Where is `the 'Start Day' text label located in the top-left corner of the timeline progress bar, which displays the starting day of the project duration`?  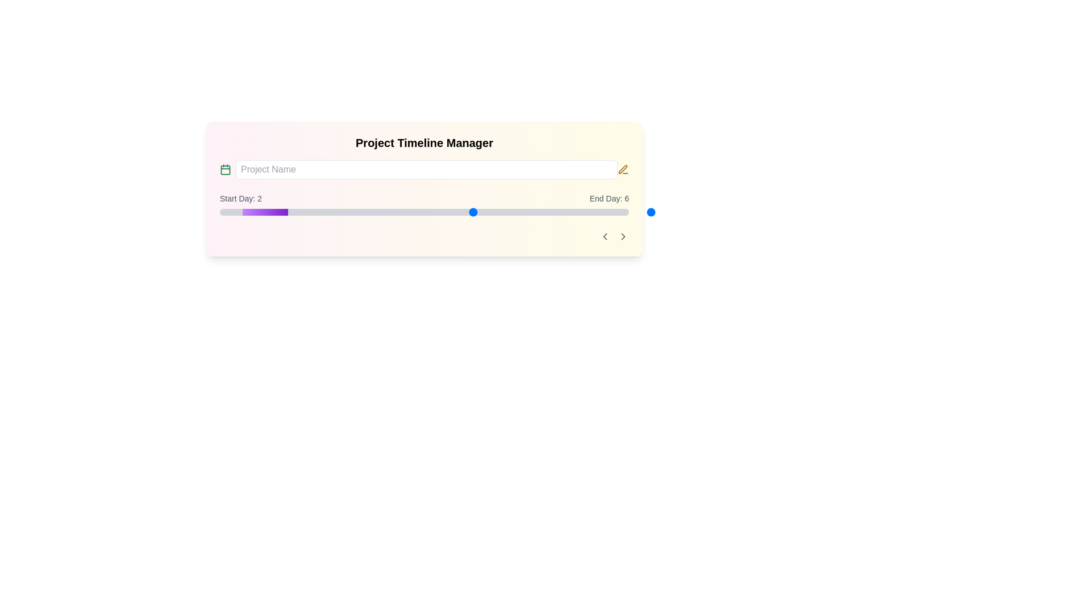
the 'Start Day' text label located in the top-left corner of the timeline progress bar, which displays the starting day of the project duration is located at coordinates (240, 198).